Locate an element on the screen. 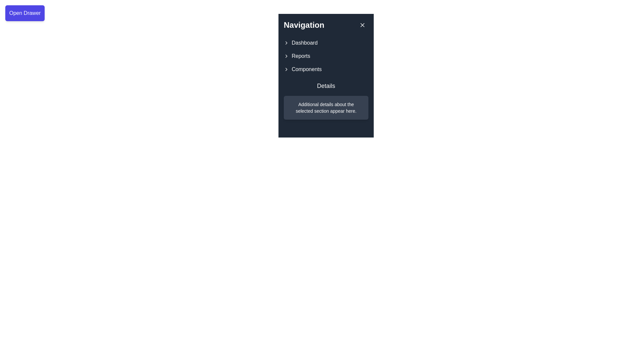  the expandable/collapsible icon located to the left of the 'Dashboard' text in the navigation panel is located at coordinates (286, 43).